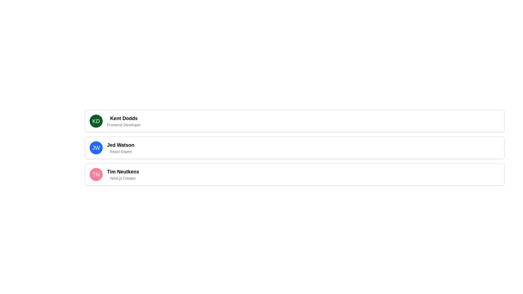 The image size is (523, 294). What do you see at coordinates (120, 145) in the screenshot?
I see `the text element displaying 'Jed Watson', which is styled in bold and larger font, located in the second row of a vertically stacked layout within a card-like structure` at bounding box center [120, 145].